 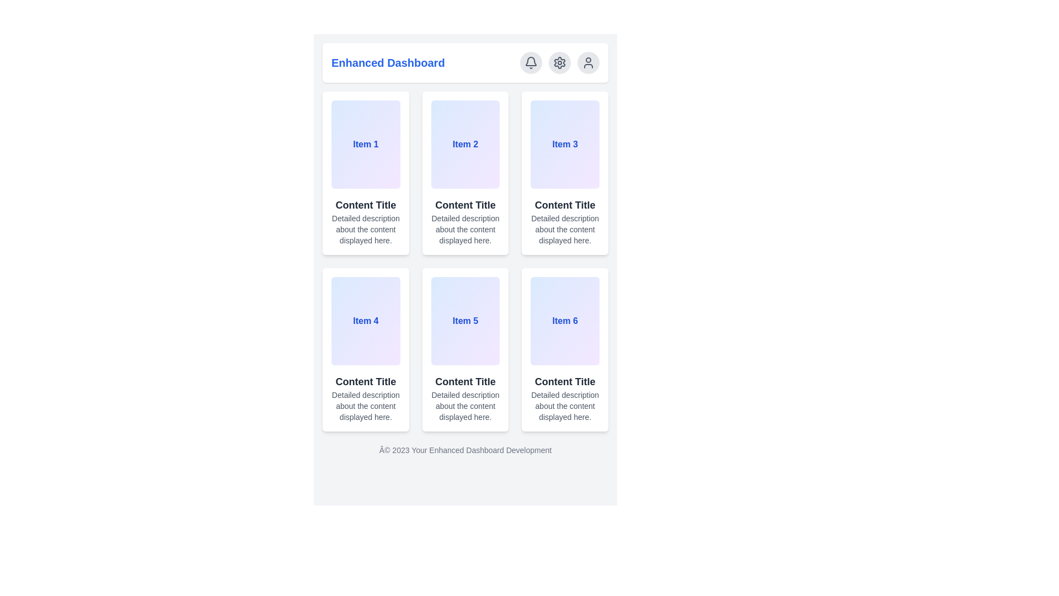 I want to click on the text paragraph styled with a small gray font that contains the content 'Detailed description about the content displayed here,' located below the heading 'Content Title' inside the gradient panel labeled 'Item 4.', so click(x=366, y=406).